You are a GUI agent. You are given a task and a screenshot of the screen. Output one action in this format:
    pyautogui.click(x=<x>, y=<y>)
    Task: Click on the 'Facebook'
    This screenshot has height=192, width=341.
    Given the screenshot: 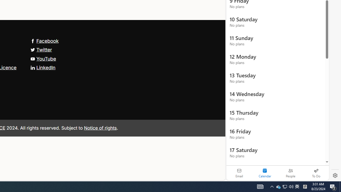 What is the action you would take?
    pyautogui.click(x=44, y=41)
    